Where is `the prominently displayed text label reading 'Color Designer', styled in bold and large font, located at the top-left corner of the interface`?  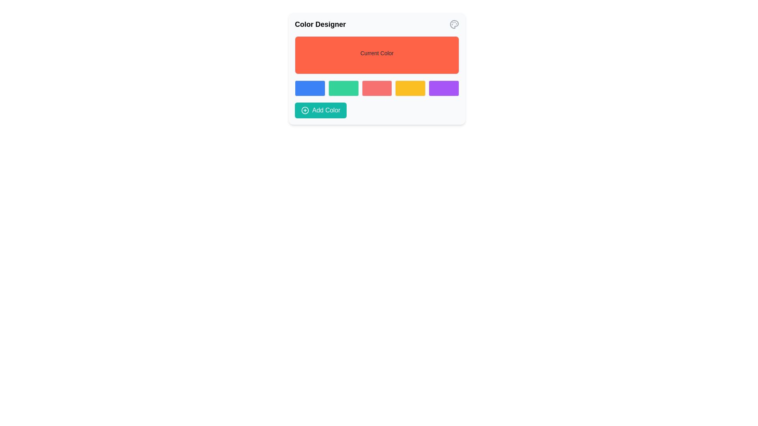 the prominently displayed text label reading 'Color Designer', styled in bold and large font, located at the top-left corner of the interface is located at coordinates (320, 24).